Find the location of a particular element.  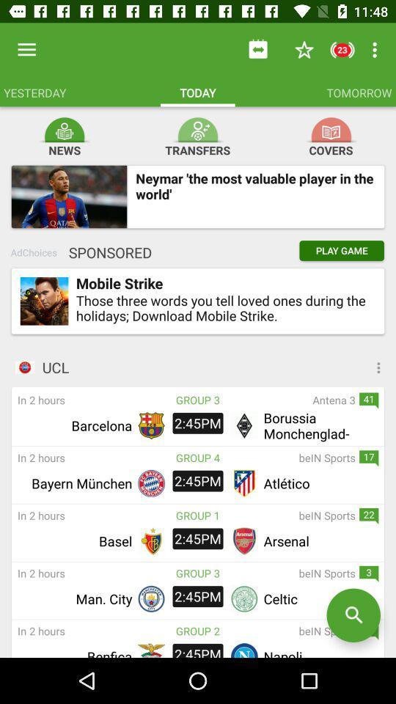

item to the left of the play game icon is located at coordinates (106, 252).